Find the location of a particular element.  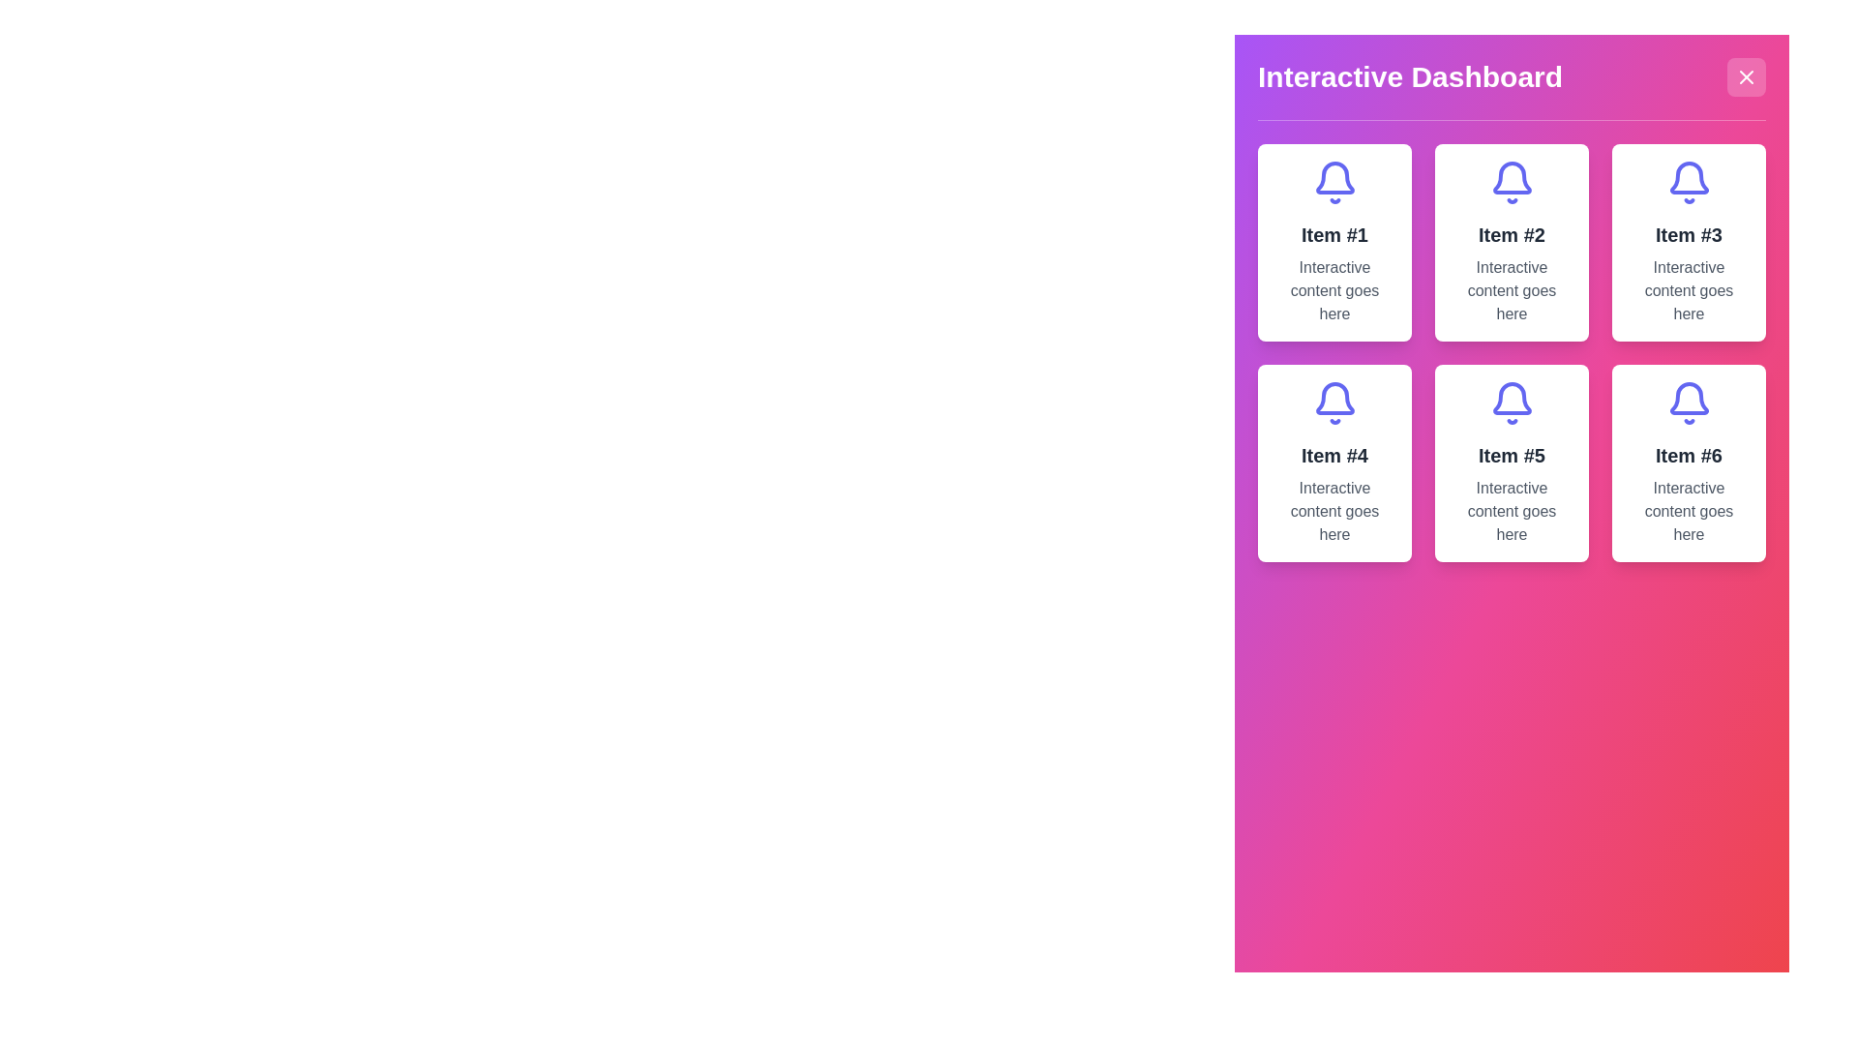

the rectangular card with a white background, rounded corners, and a purple bell icon at the top, which contains the heading 'Item #2' and the text 'Interactive content goes here' is located at coordinates (1511, 241).